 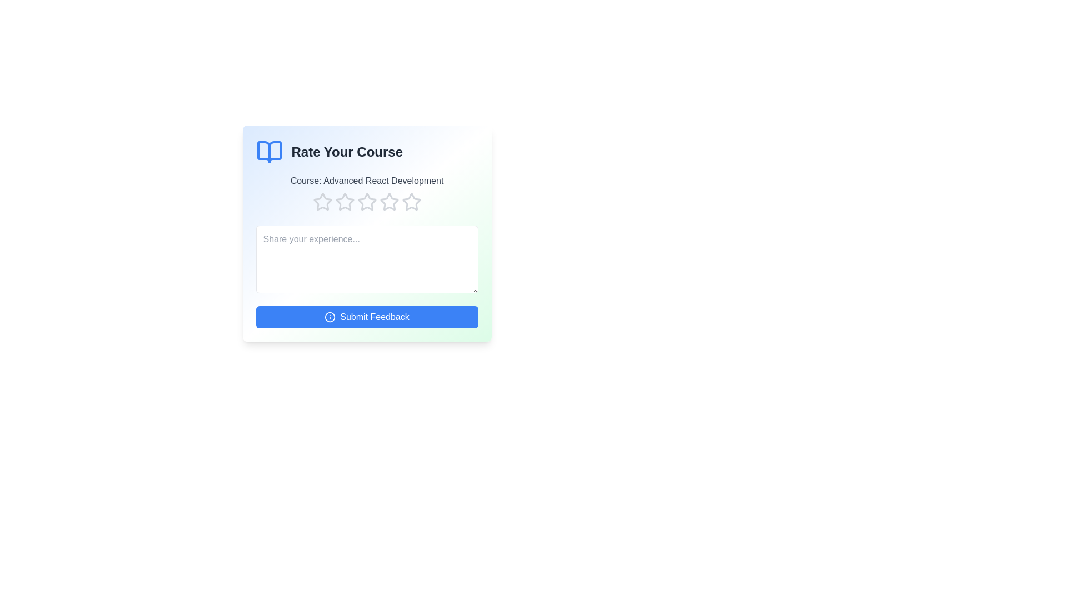 What do you see at coordinates (255, 174) in the screenshot?
I see `the course title and description text for the user to view` at bounding box center [255, 174].